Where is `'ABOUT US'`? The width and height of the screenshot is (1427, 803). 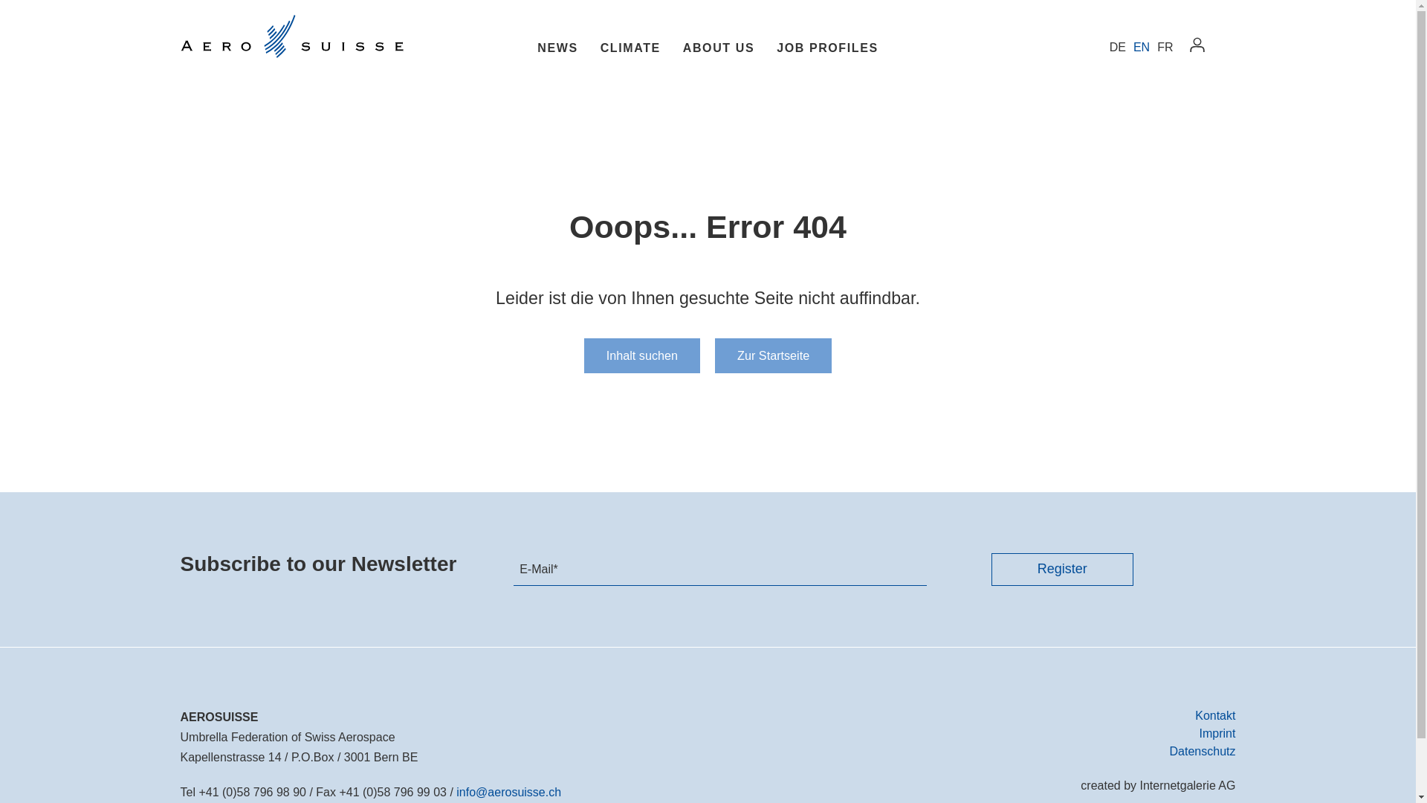 'ABOUT US' is located at coordinates (718, 43).